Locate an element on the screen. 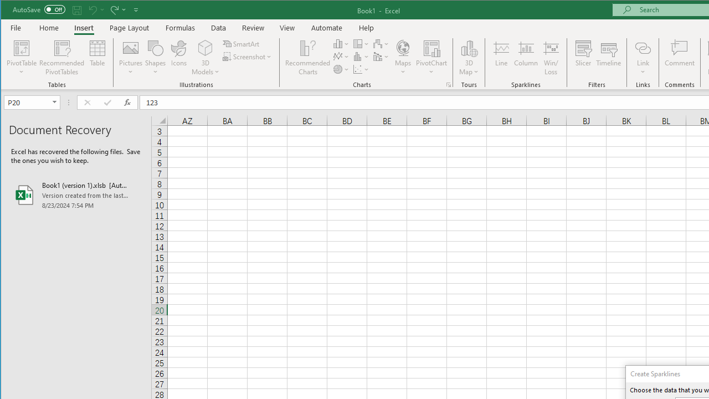 The image size is (709, 399). 'Pictures' is located at coordinates (131, 58).